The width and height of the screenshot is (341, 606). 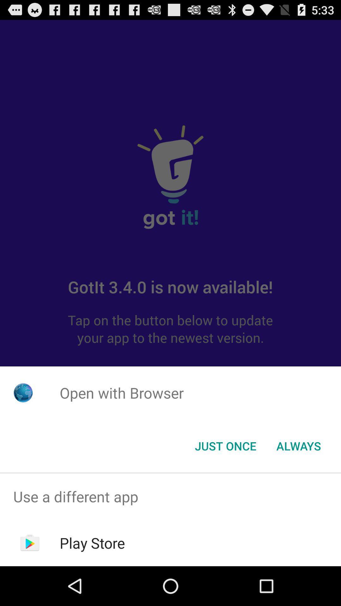 What do you see at coordinates (170, 496) in the screenshot?
I see `use a different icon` at bounding box center [170, 496].